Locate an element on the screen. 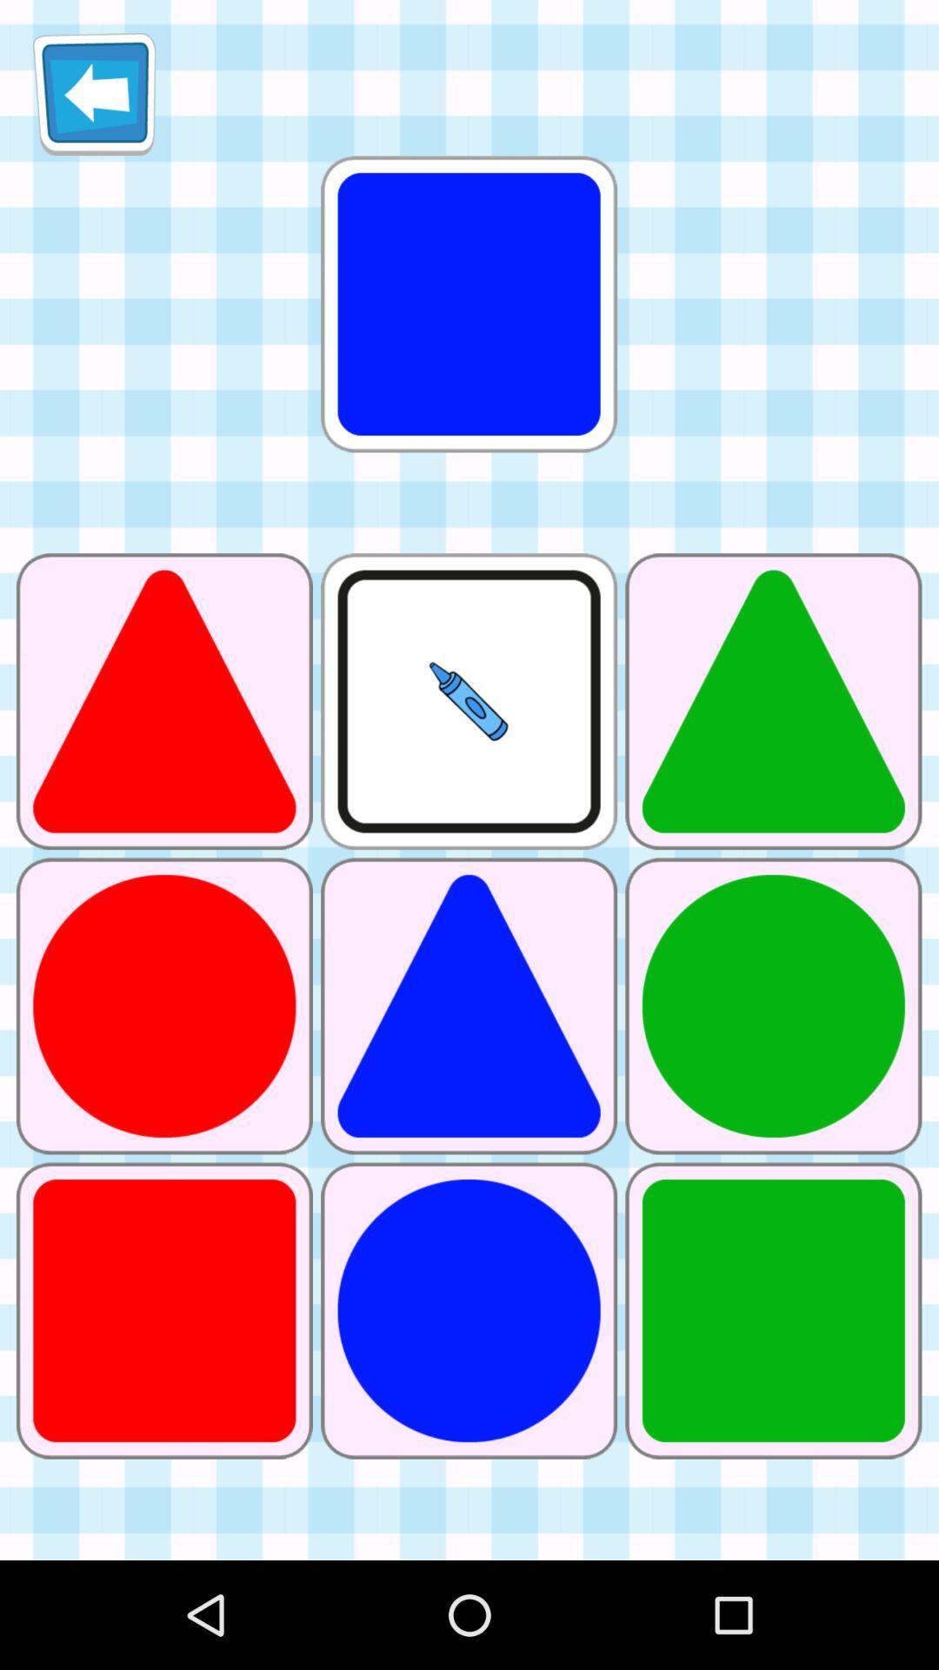  item at the top is located at coordinates (468, 304).